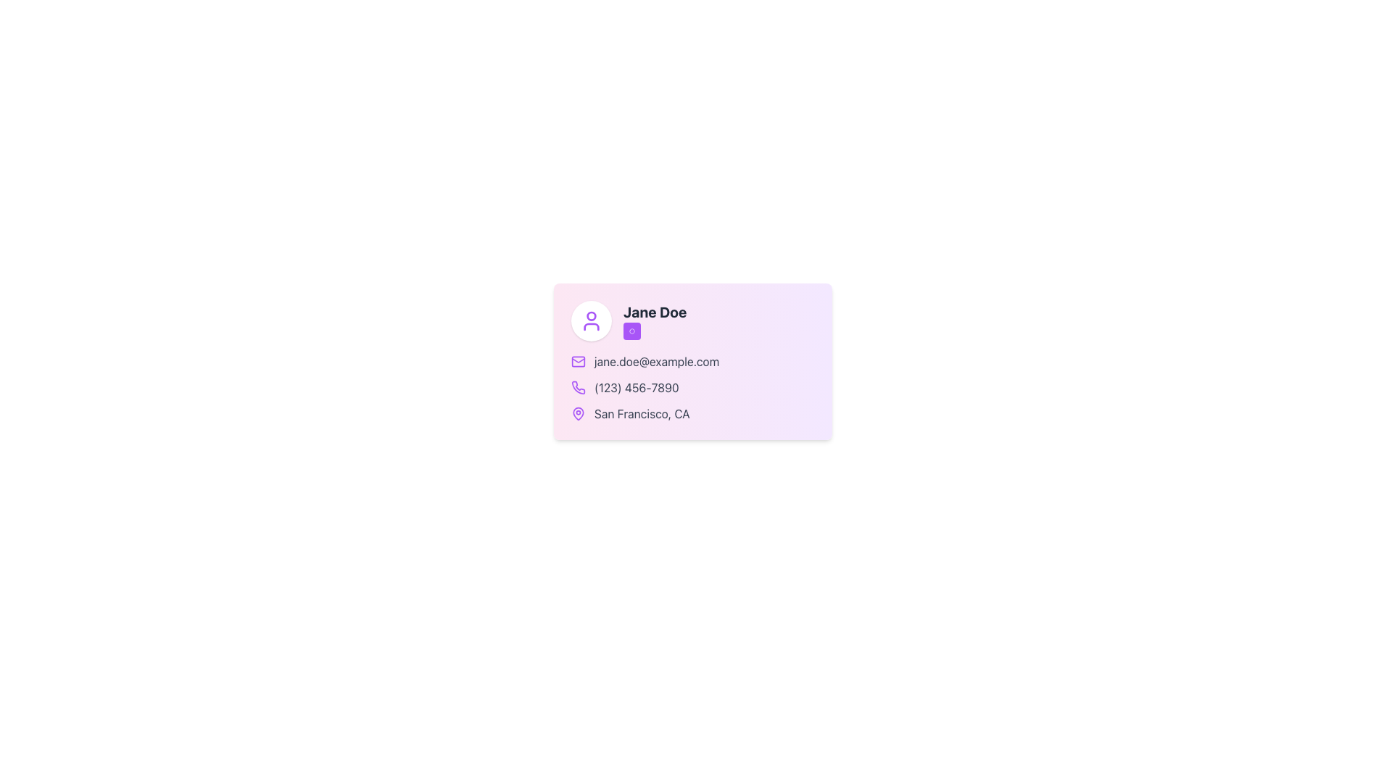  Describe the element at coordinates (577, 360) in the screenshot. I see `the inner rectangular element within the envelope icon, which is light purple and has rounded edges` at that location.